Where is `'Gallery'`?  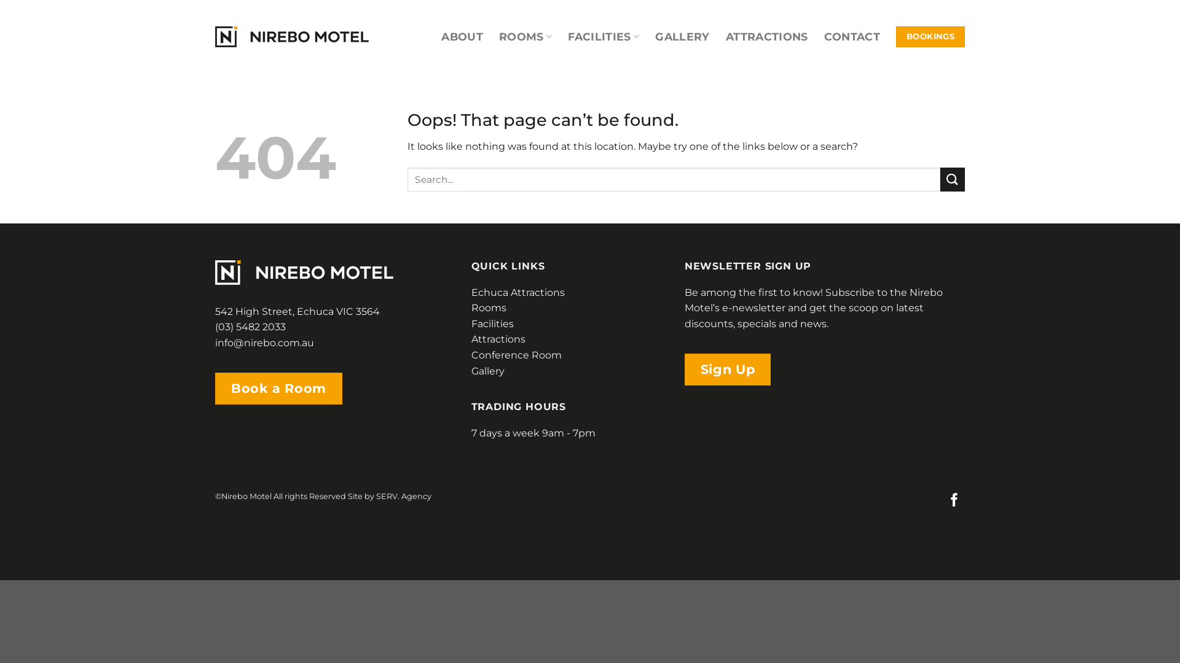 'Gallery' is located at coordinates (487, 370).